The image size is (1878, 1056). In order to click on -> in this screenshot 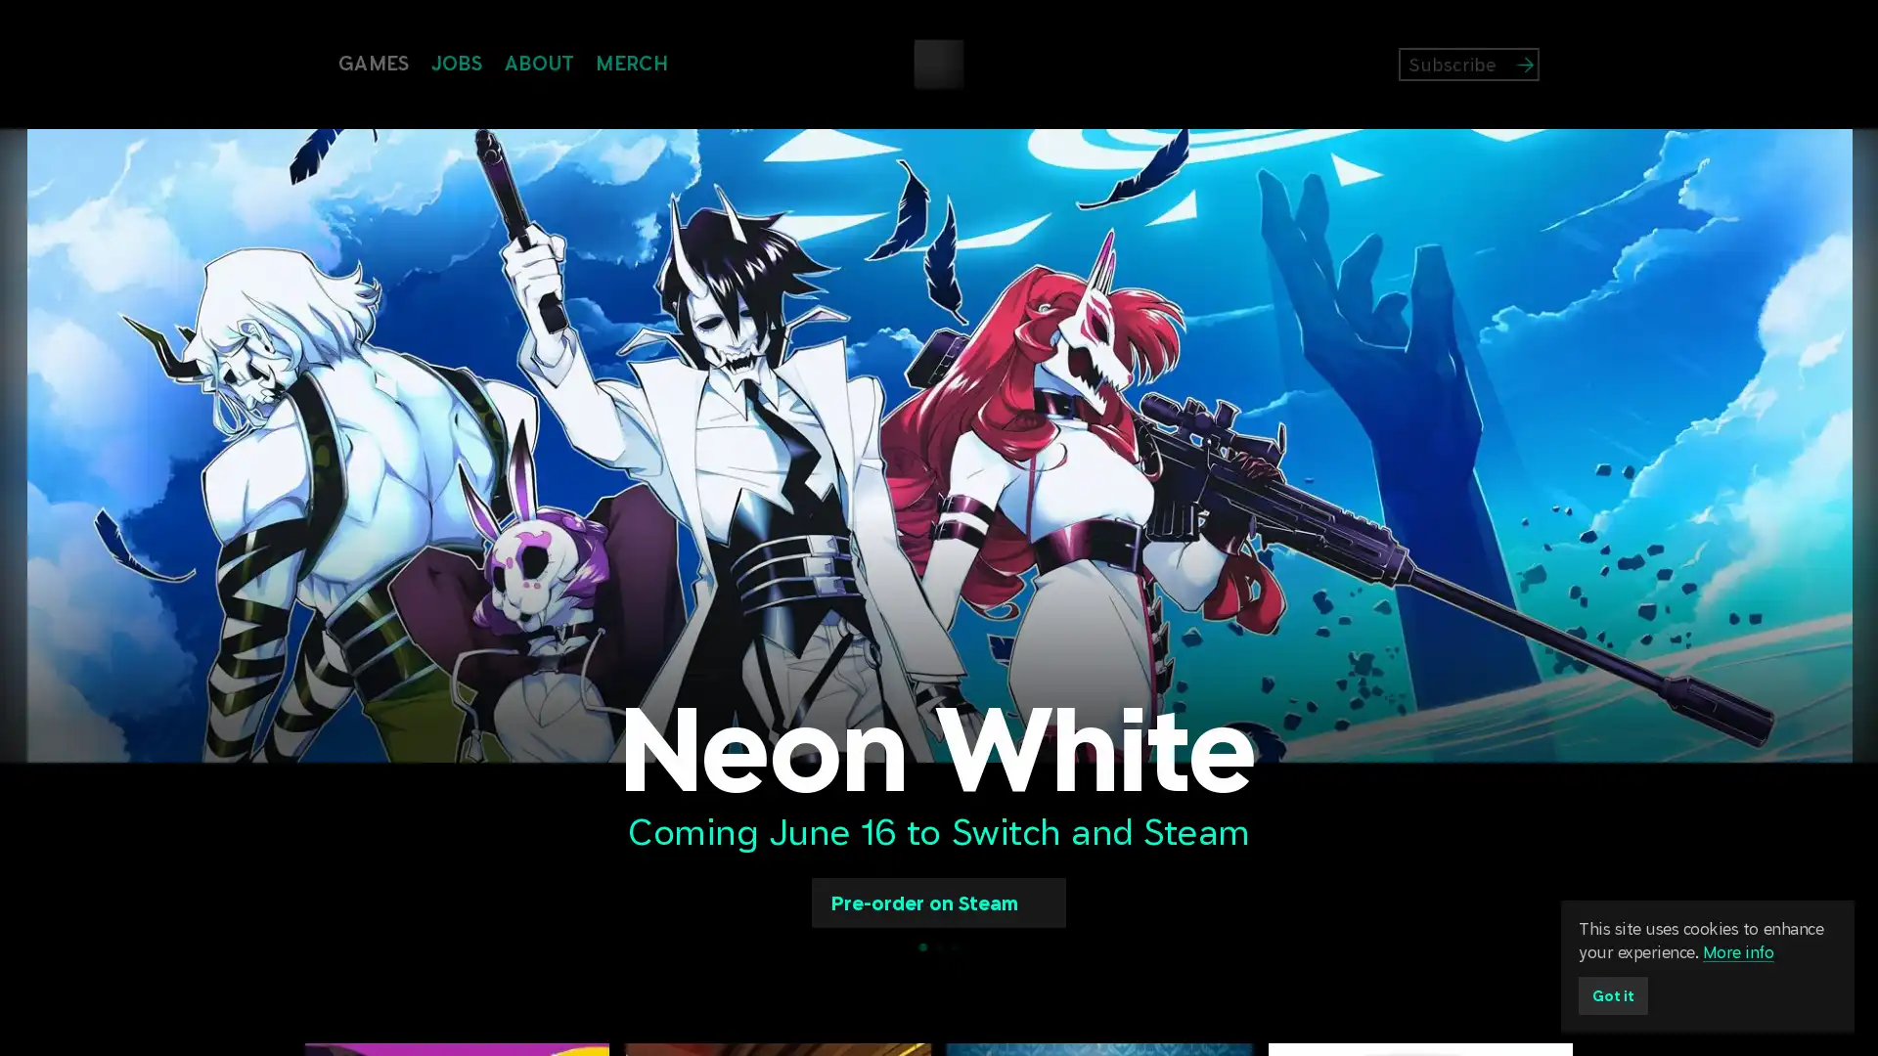, I will do `click(1557, 63)`.